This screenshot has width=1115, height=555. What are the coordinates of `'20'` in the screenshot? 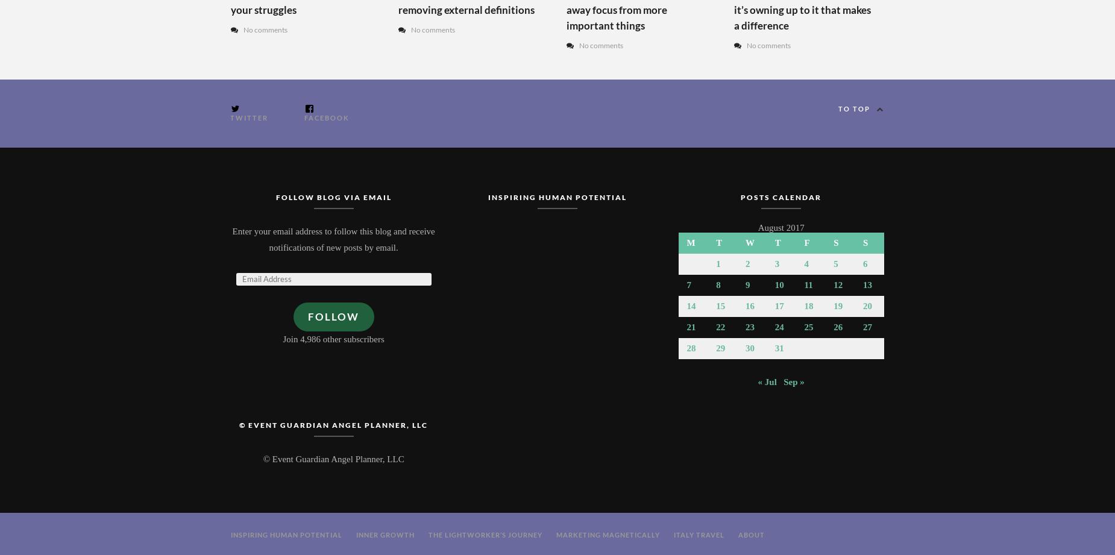 It's located at (867, 306).